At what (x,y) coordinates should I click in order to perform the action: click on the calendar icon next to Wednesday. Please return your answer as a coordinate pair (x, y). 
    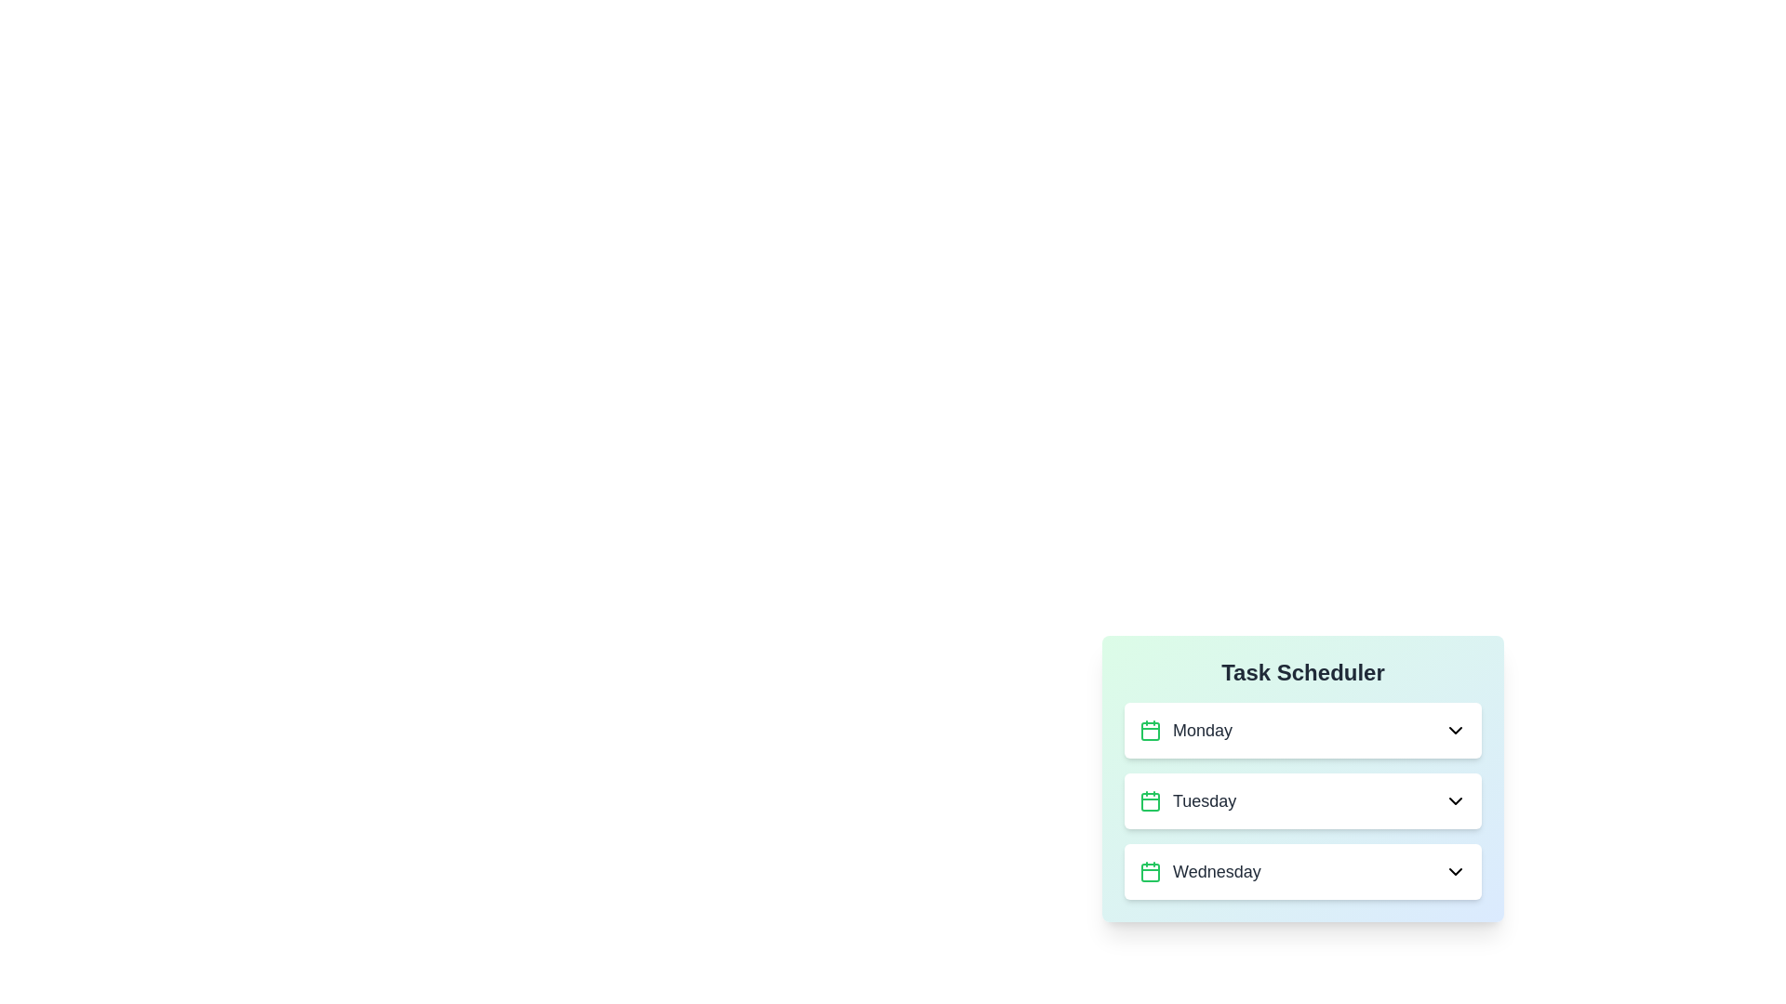
    Looking at the image, I should click on (1150, 871).